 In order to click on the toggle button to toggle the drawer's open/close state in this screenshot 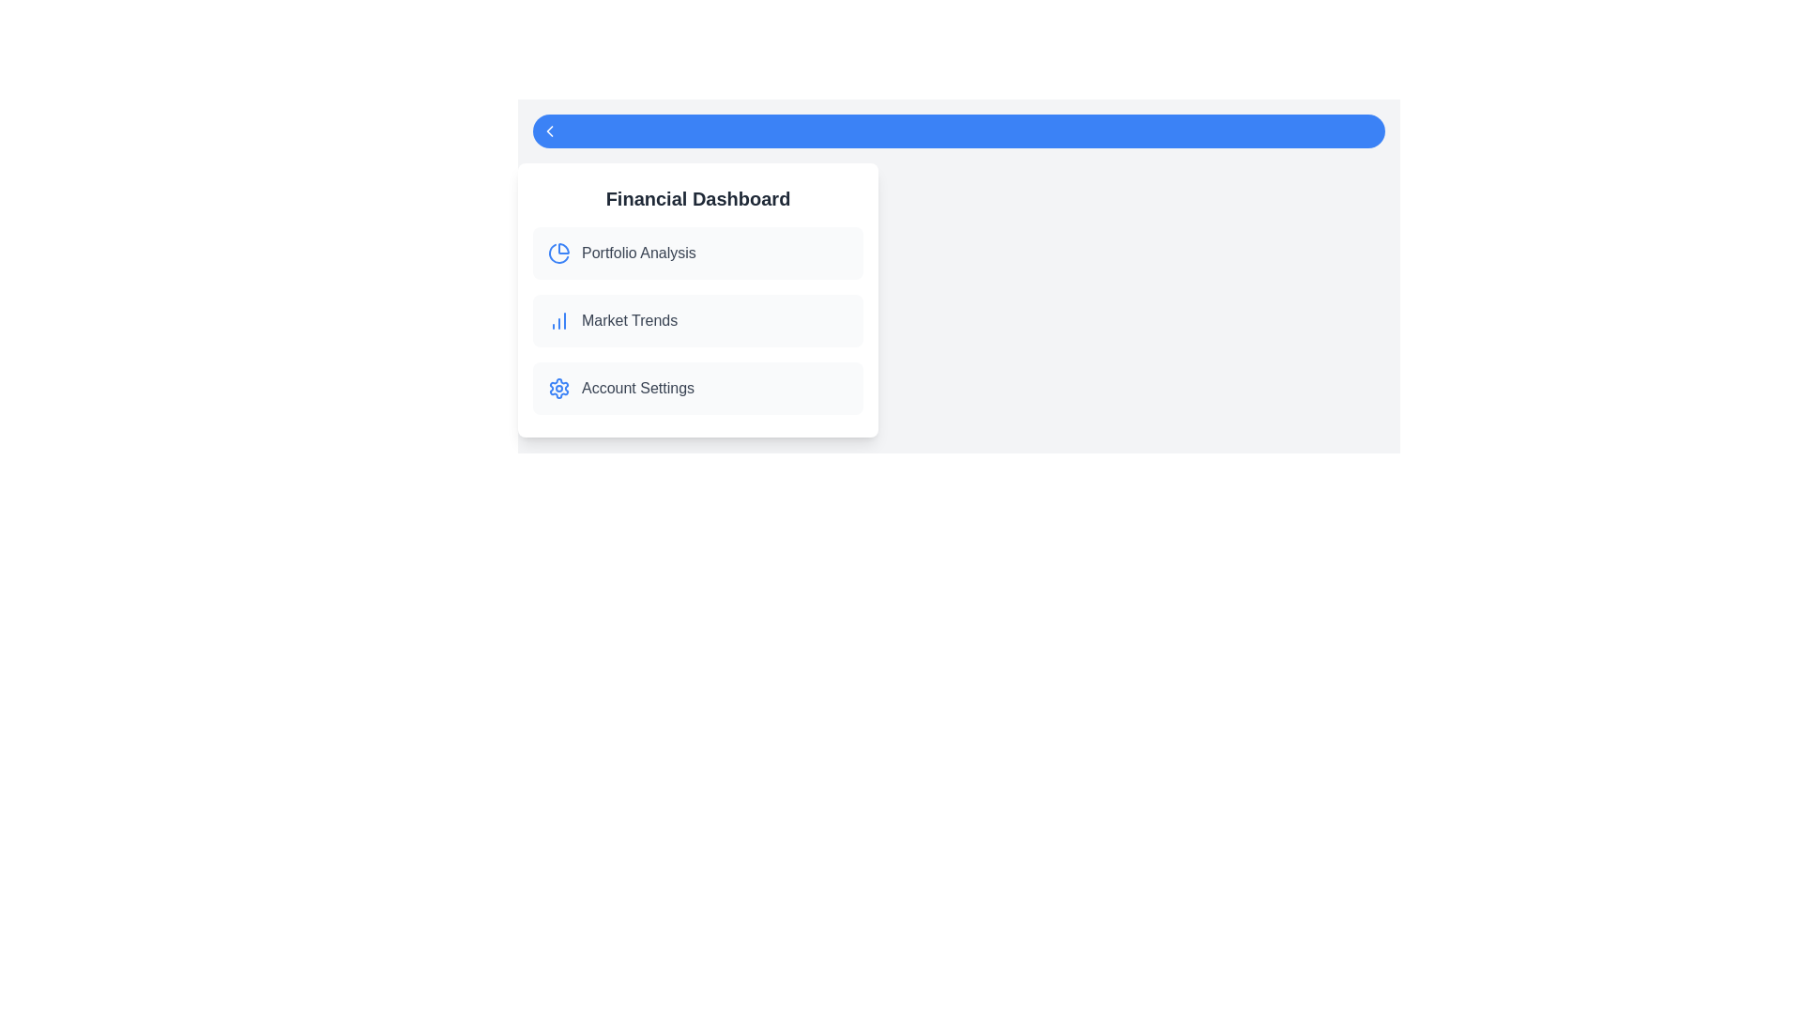, I will do `click(959, 130)`.